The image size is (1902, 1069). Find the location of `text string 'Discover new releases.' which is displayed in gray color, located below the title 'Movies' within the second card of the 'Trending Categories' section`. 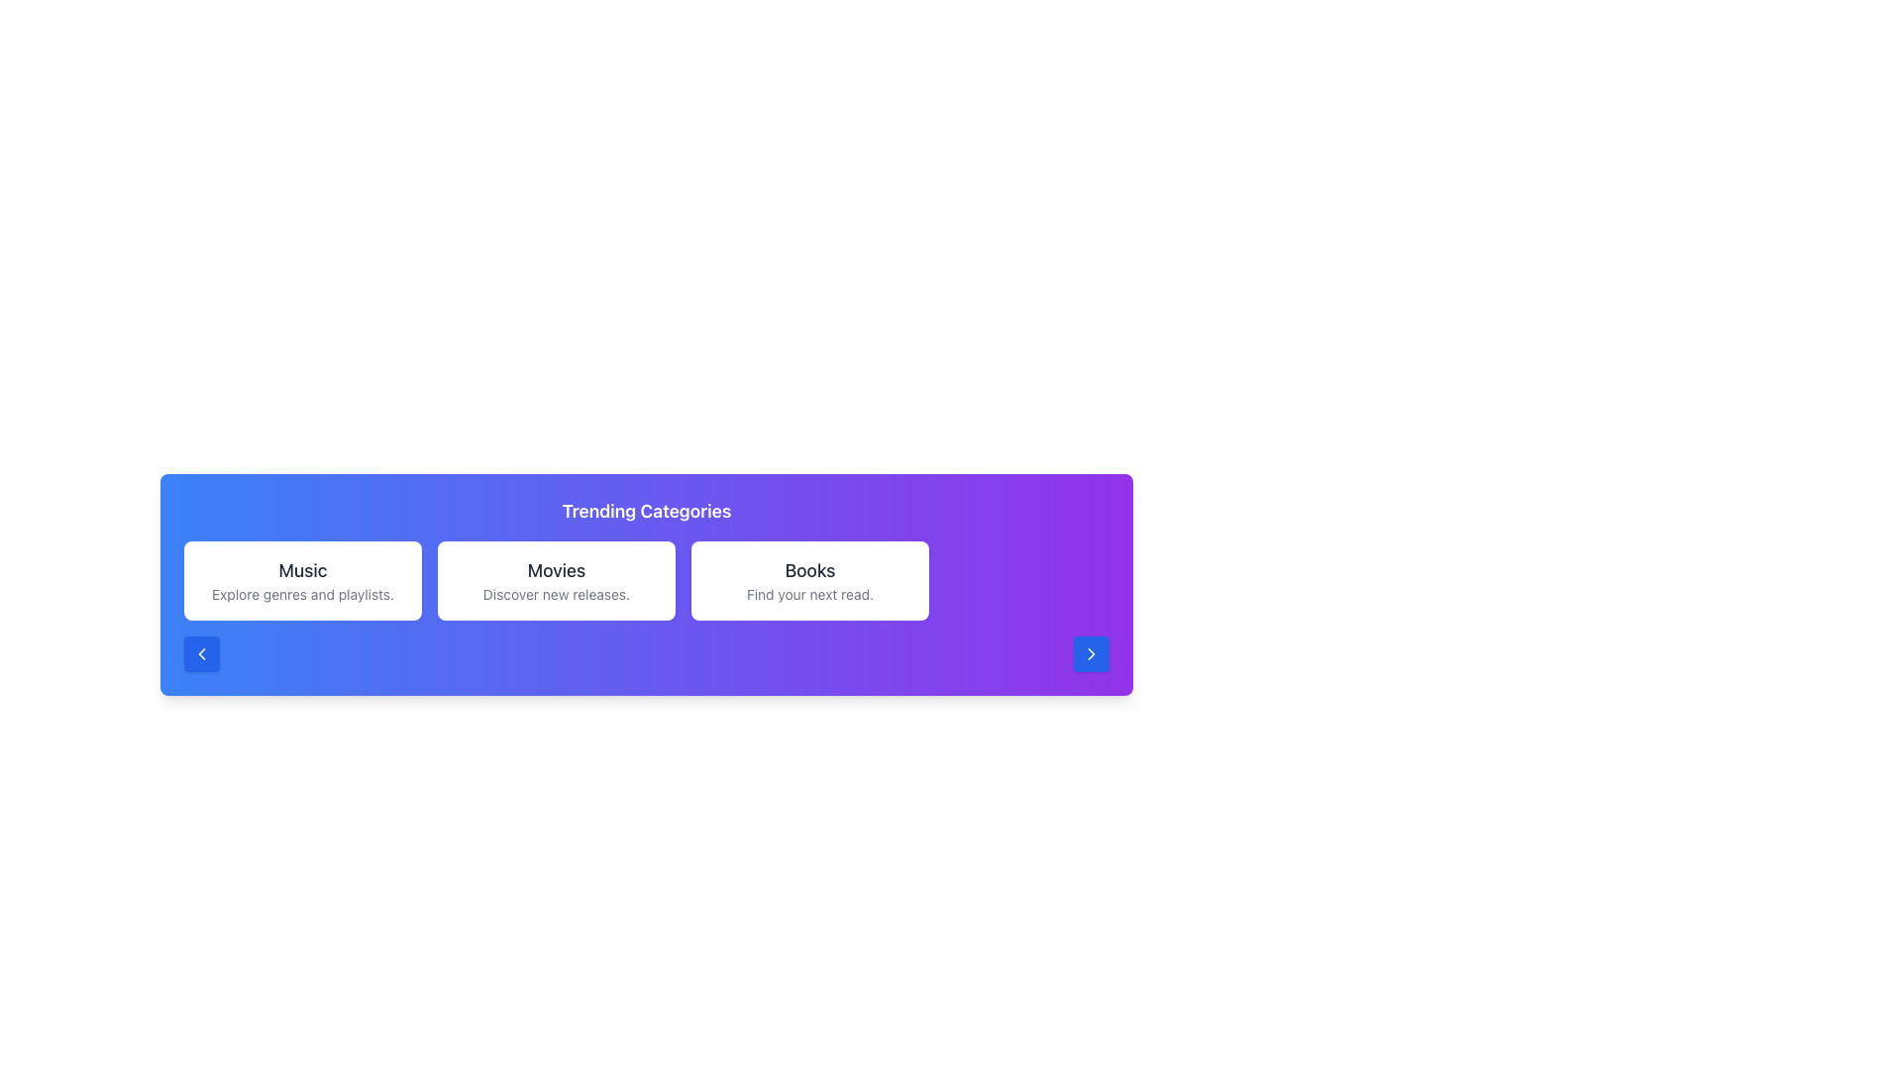

text string 'Discover new releases.' which is displayed in gray color, located below the title 'Movies' within the second card of the 'Trending Categories' section is located at coordinates (555, 594).